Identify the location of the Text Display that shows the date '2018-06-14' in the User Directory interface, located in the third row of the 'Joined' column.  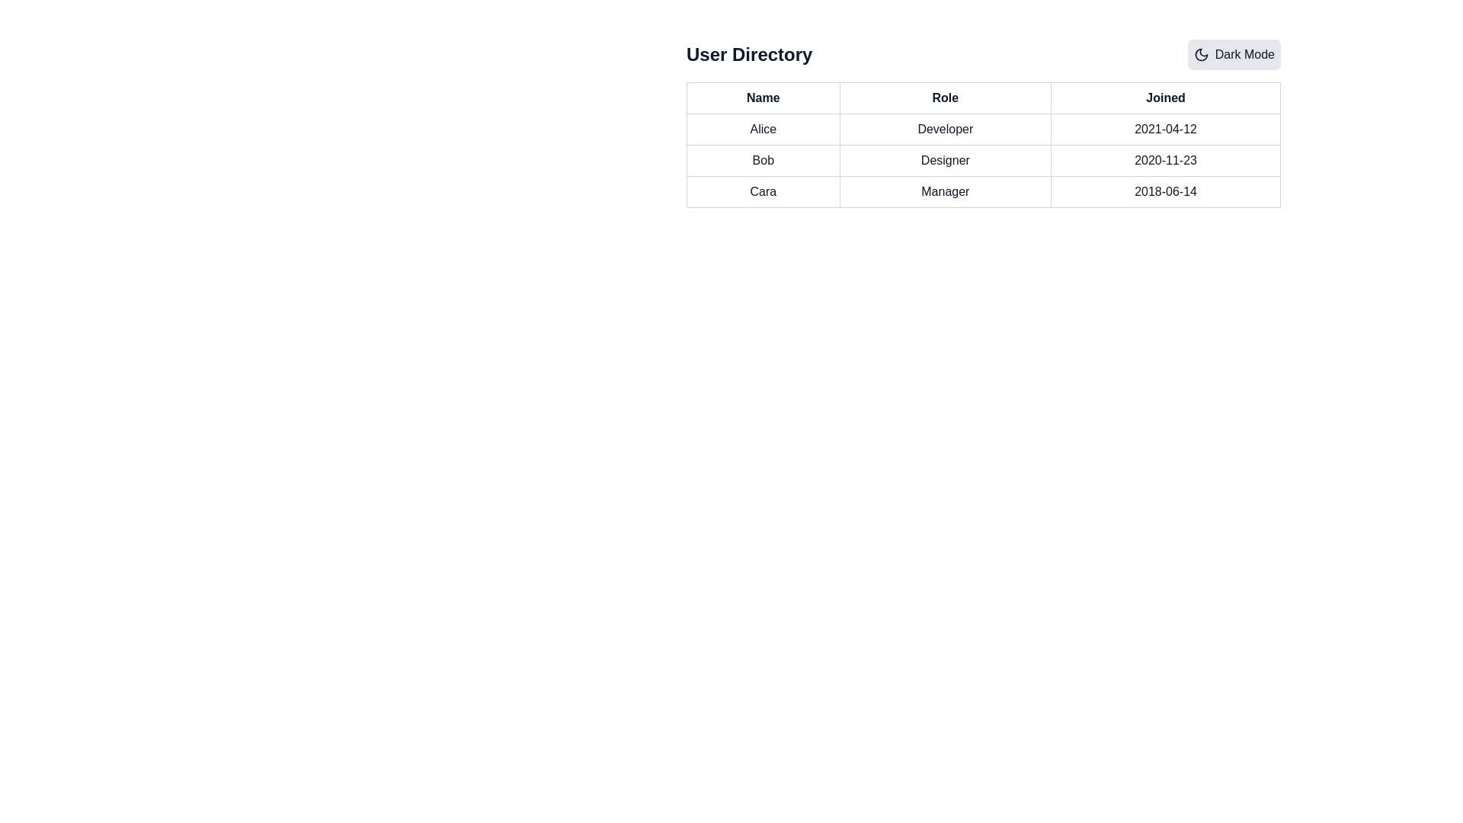
(1165, 191).